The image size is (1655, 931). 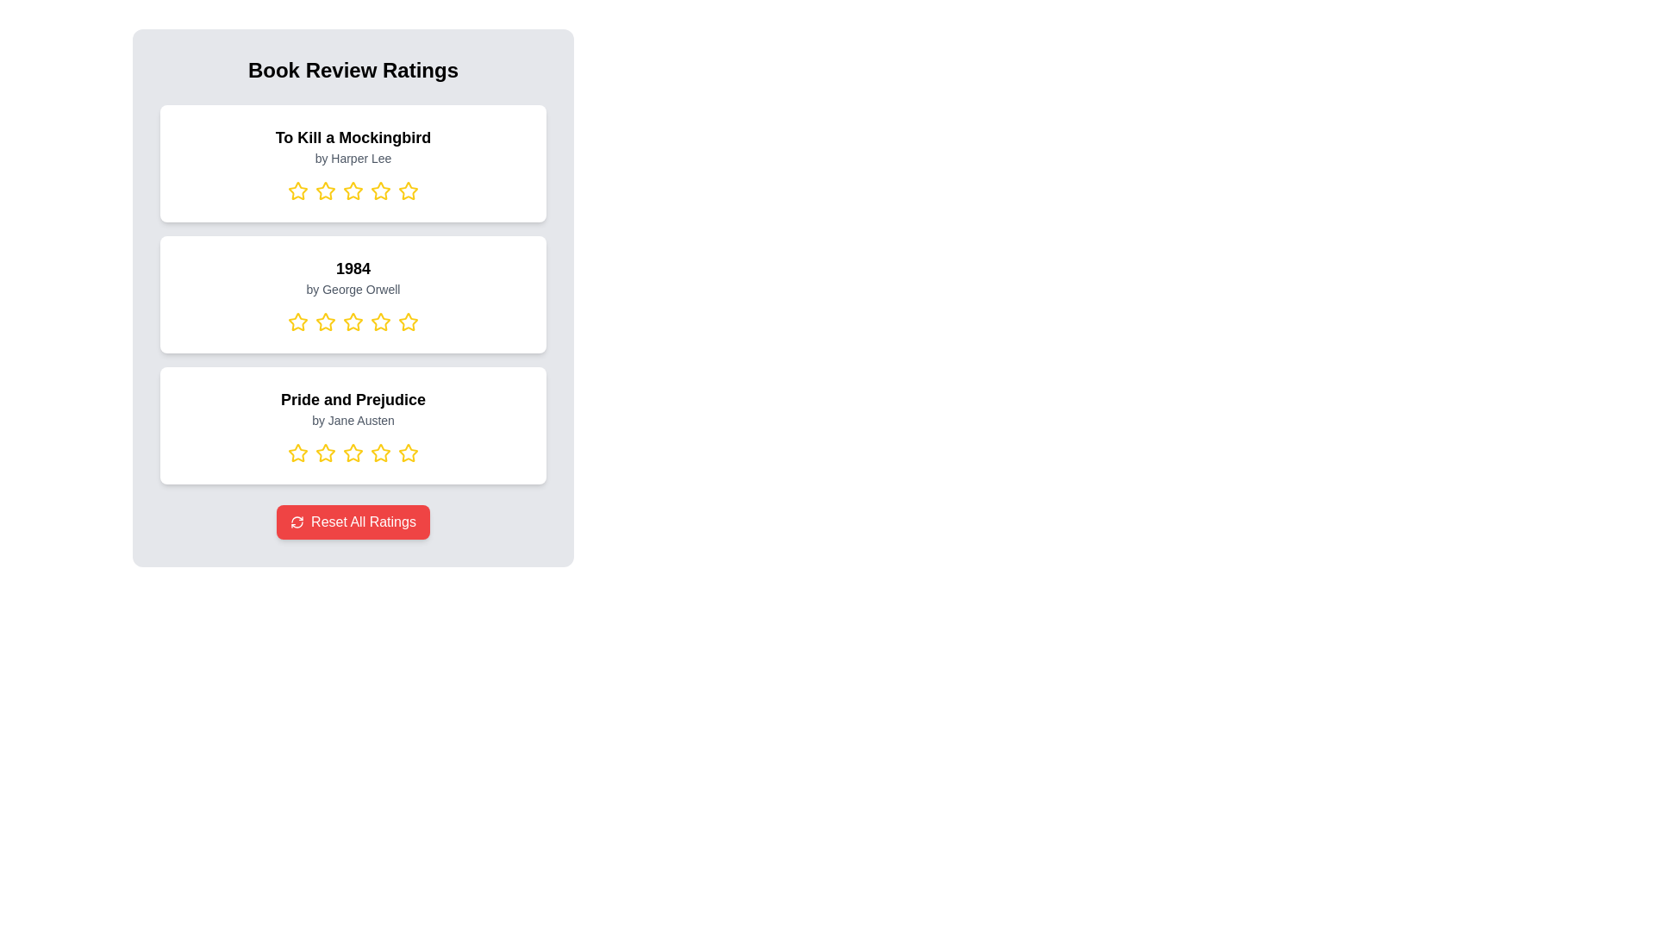 What do you see at coordinates (326, 191) in the screenshot?
I see `the rating for a book by selecting 2 stars for the book titled To Kill a Mockingbird` at bounding box center [326, 191].